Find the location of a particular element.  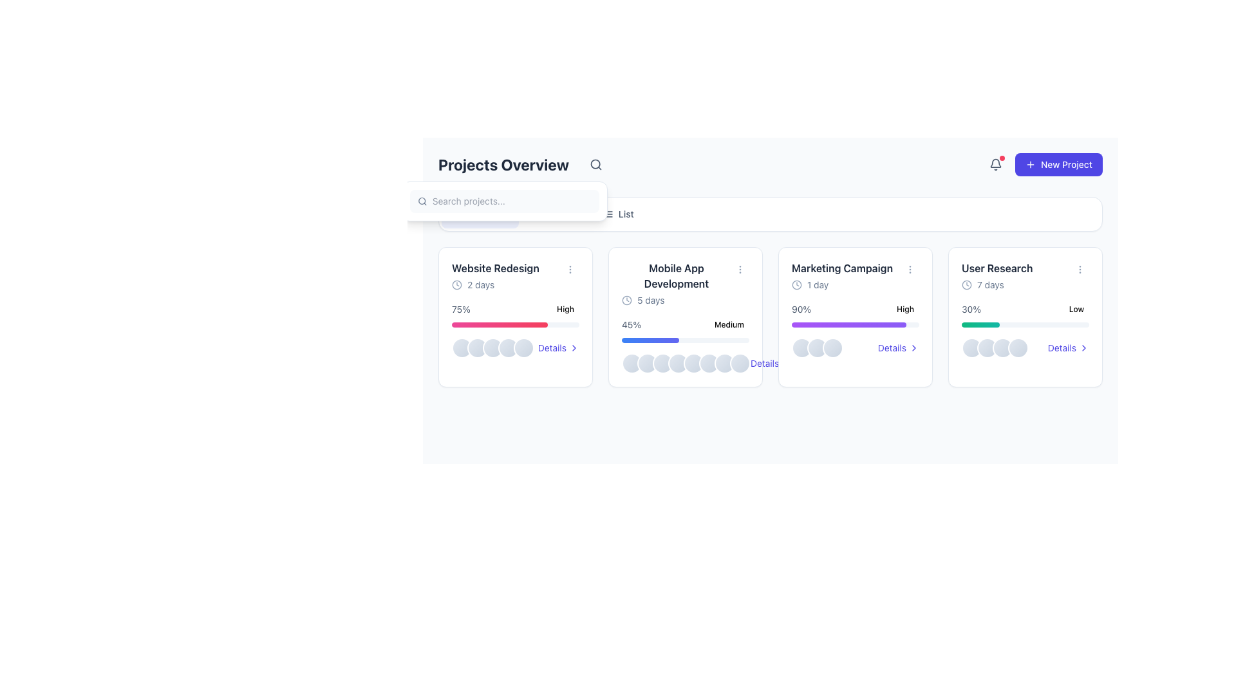

the first circular status icon located at the lower center of the 'Website Redesign' card, which serves as an indicator of progress or status is located at coordinates (462, 347).